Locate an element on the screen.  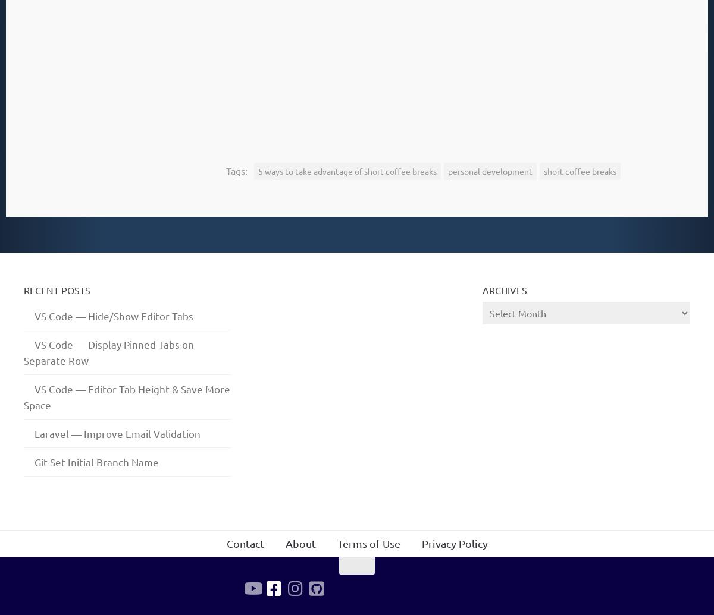
'VS Code — Display Pinned Tabs on Separate Row' is located at coordinates (108, 351).